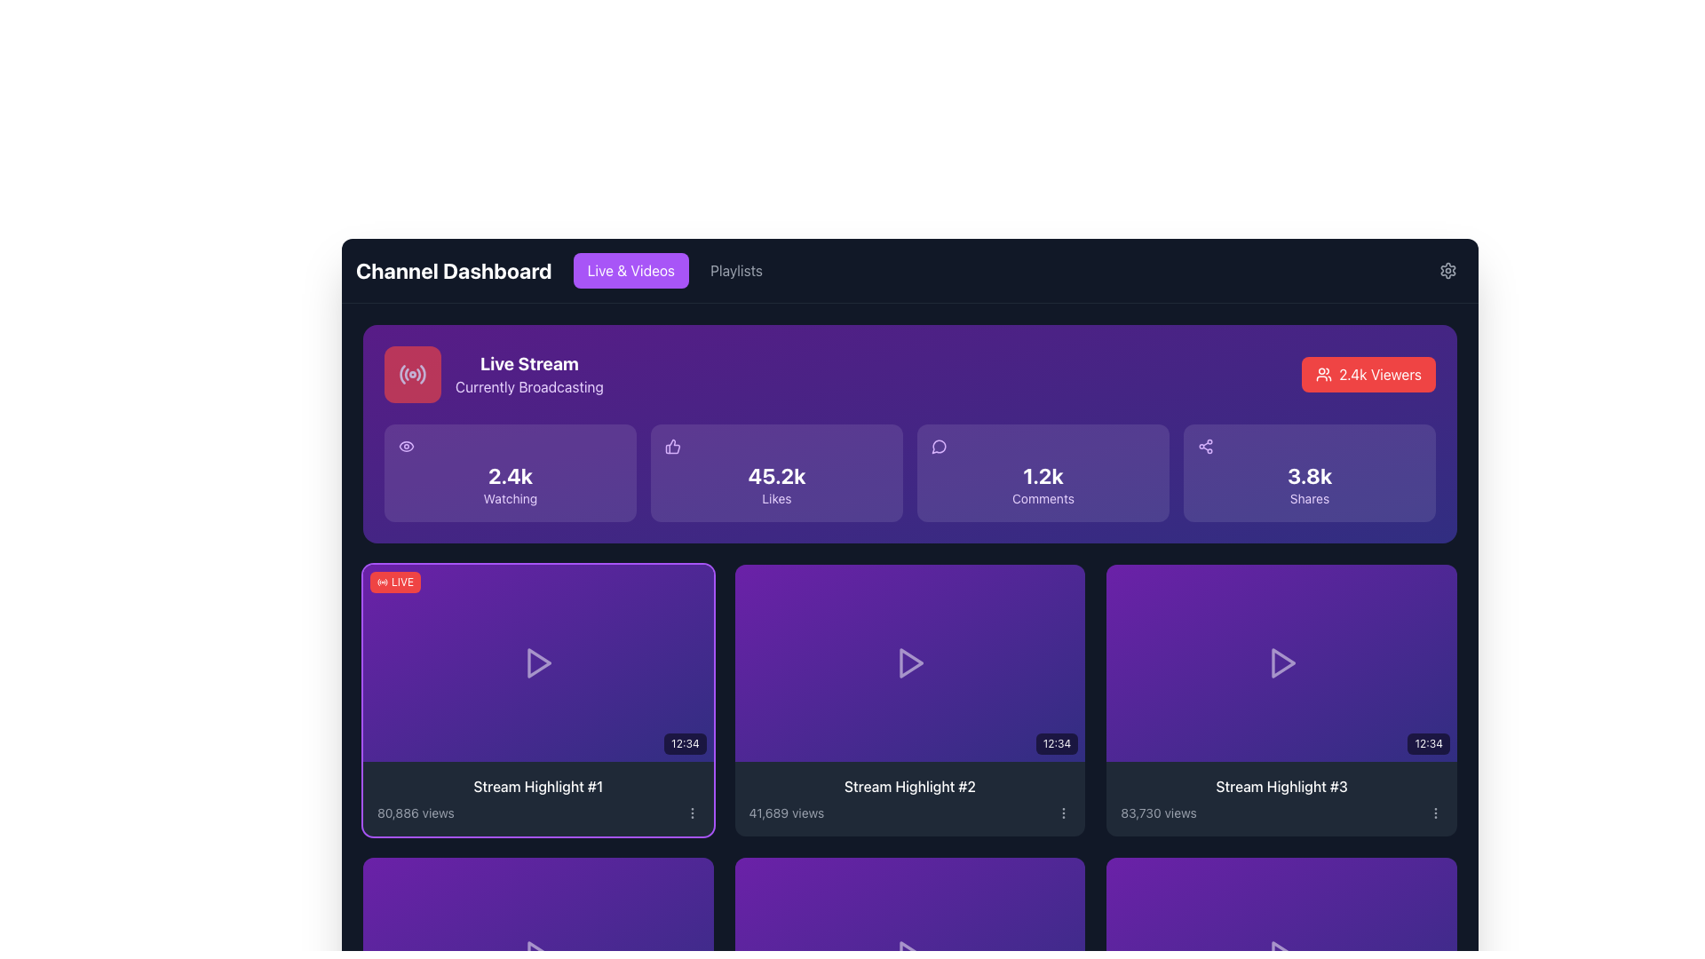  I want to click on Information card element, which has a purple background with a white chat bubble icon on the left, displaying '1.2k' in bold text and 'Comments' below it, so click(1043, 472).